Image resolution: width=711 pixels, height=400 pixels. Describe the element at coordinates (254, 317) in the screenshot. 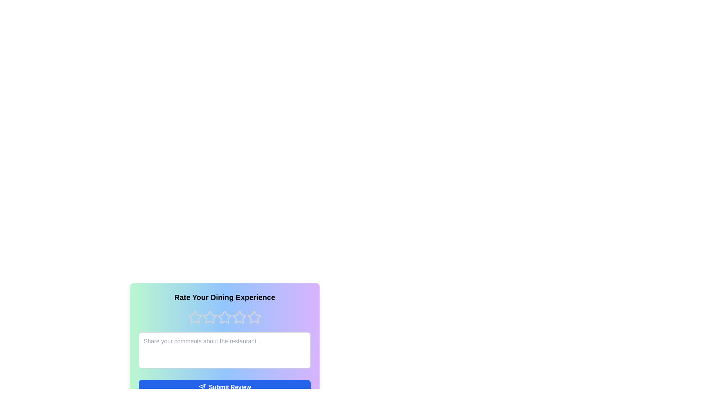

I see `the fifth star icon, which is a soft gray star with a stroke effect` at that location.